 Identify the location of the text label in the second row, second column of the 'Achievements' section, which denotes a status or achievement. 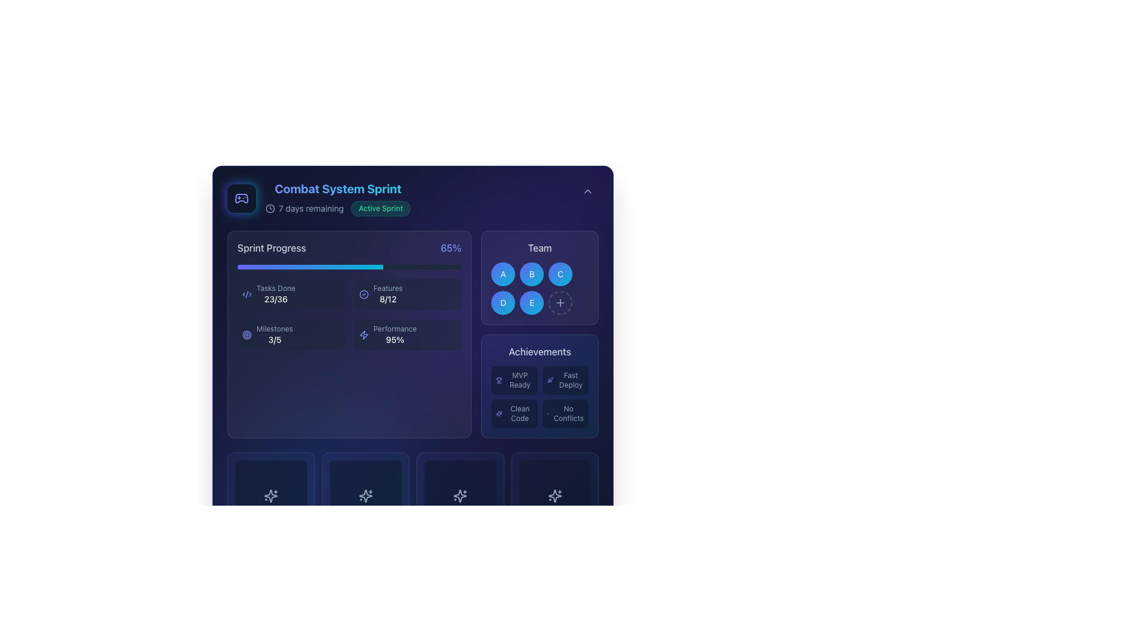
(570, 380).